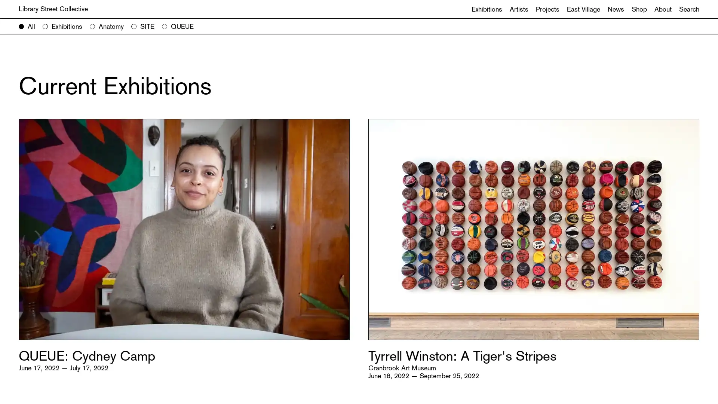 Image resolution: width=718 pixels, height=404 pixels. I want to click on Search, so click(359, 220).